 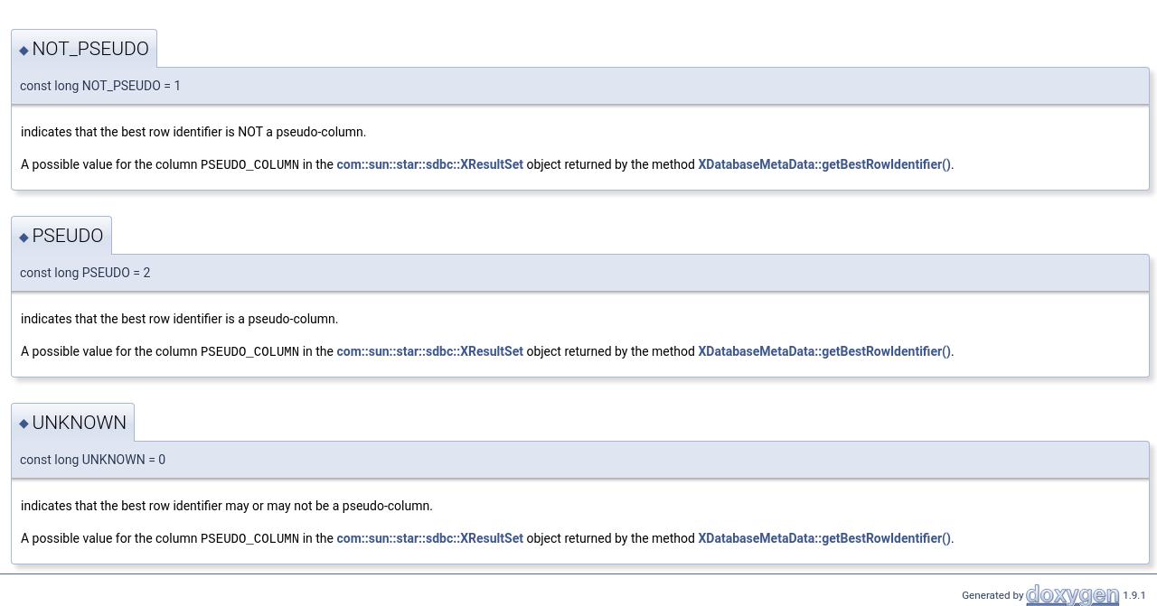 I want to click on 'indicates that the best row identifier is a pseudo-column.', so click(x=179, y=318).